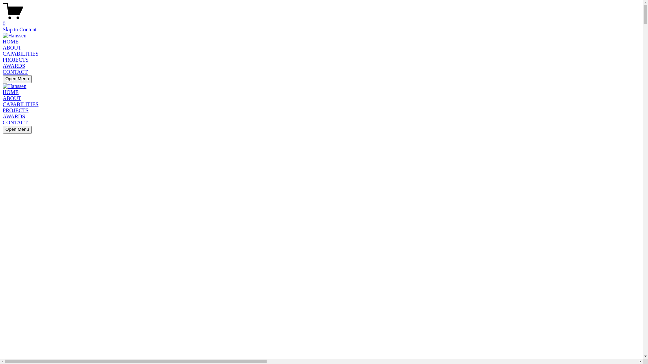 This screenshot has height=364, width=648. What do you see at coordinates (17, 130) in the screenshot?
I see `'Open Menu'` at bounding box center [17, 130].